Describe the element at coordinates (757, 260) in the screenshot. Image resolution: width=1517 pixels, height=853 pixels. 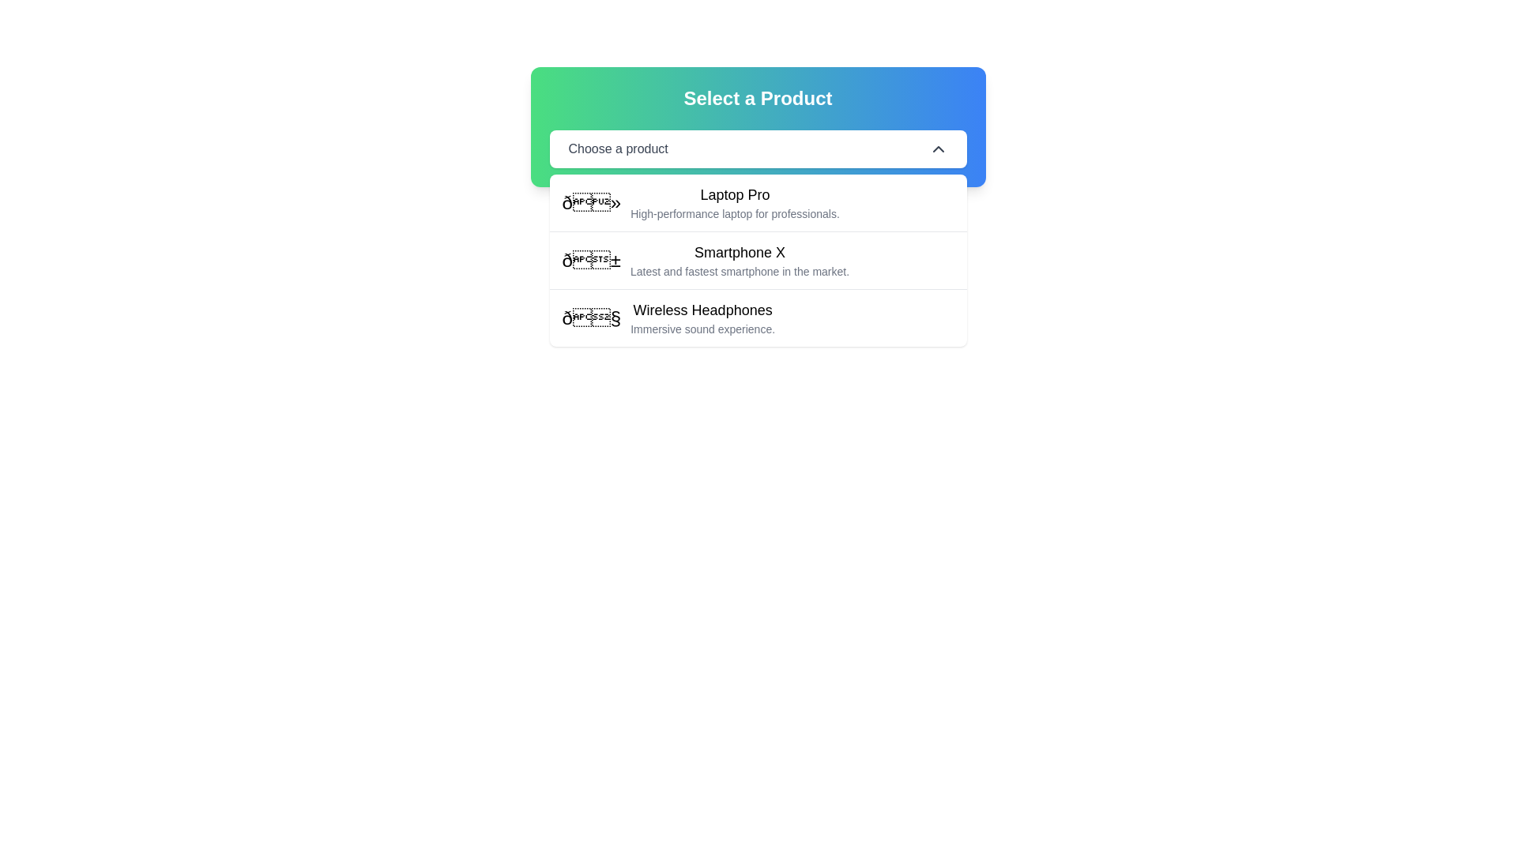
I see `to select the 'Smartphone X' option in the dropdown menu located below the 'Select a Product' heading, positioned between 'Laptop Pro' and 'Wireless Headphones'` at that location.